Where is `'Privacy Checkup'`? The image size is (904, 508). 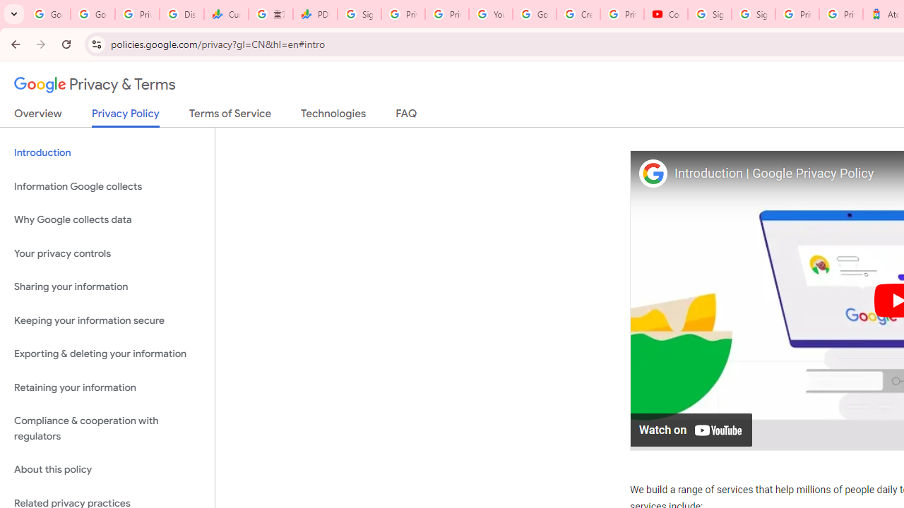 'Privacy Checkup' is located at coordinates (446, 14).